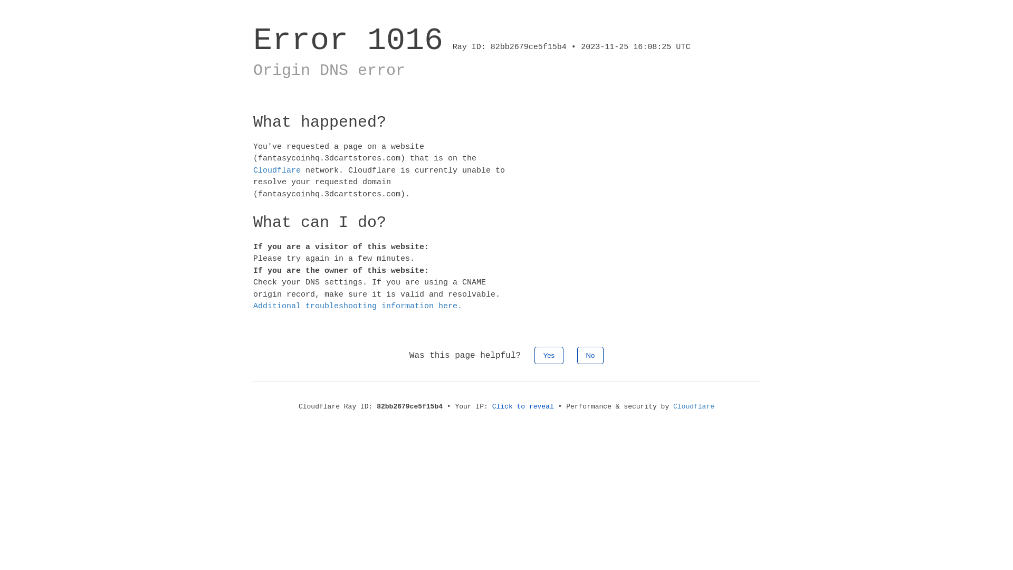 This screenshot has width=1013, height=570. I want to click on 'No', so click(590, 355).